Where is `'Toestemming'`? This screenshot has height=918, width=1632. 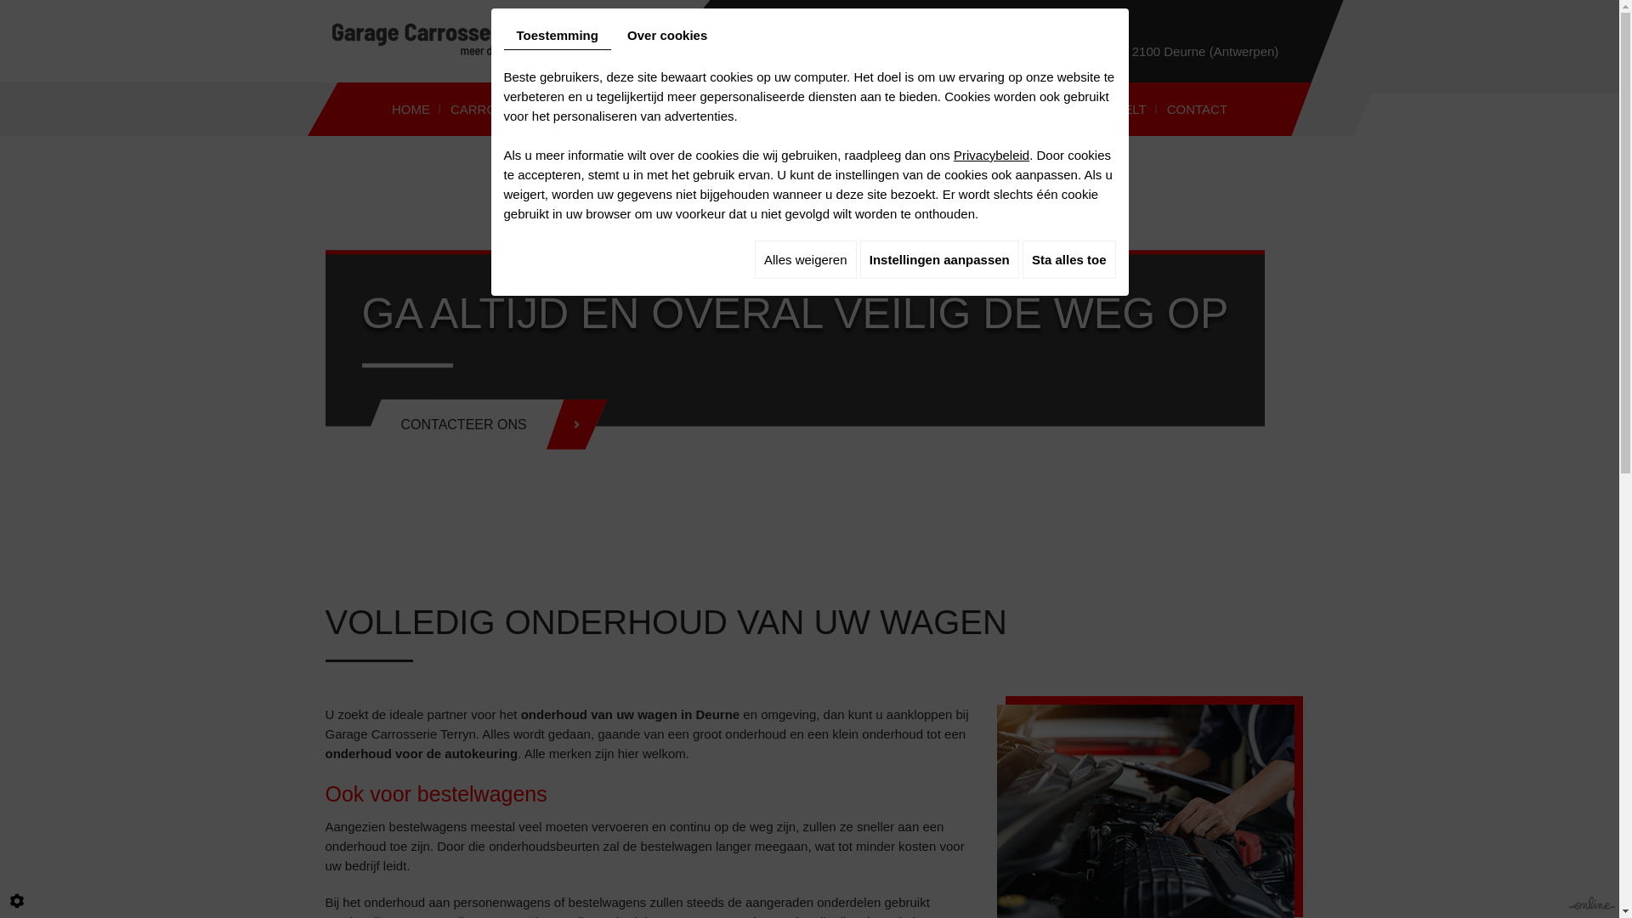 'Toestemming' is located at coordinates (556, 36).